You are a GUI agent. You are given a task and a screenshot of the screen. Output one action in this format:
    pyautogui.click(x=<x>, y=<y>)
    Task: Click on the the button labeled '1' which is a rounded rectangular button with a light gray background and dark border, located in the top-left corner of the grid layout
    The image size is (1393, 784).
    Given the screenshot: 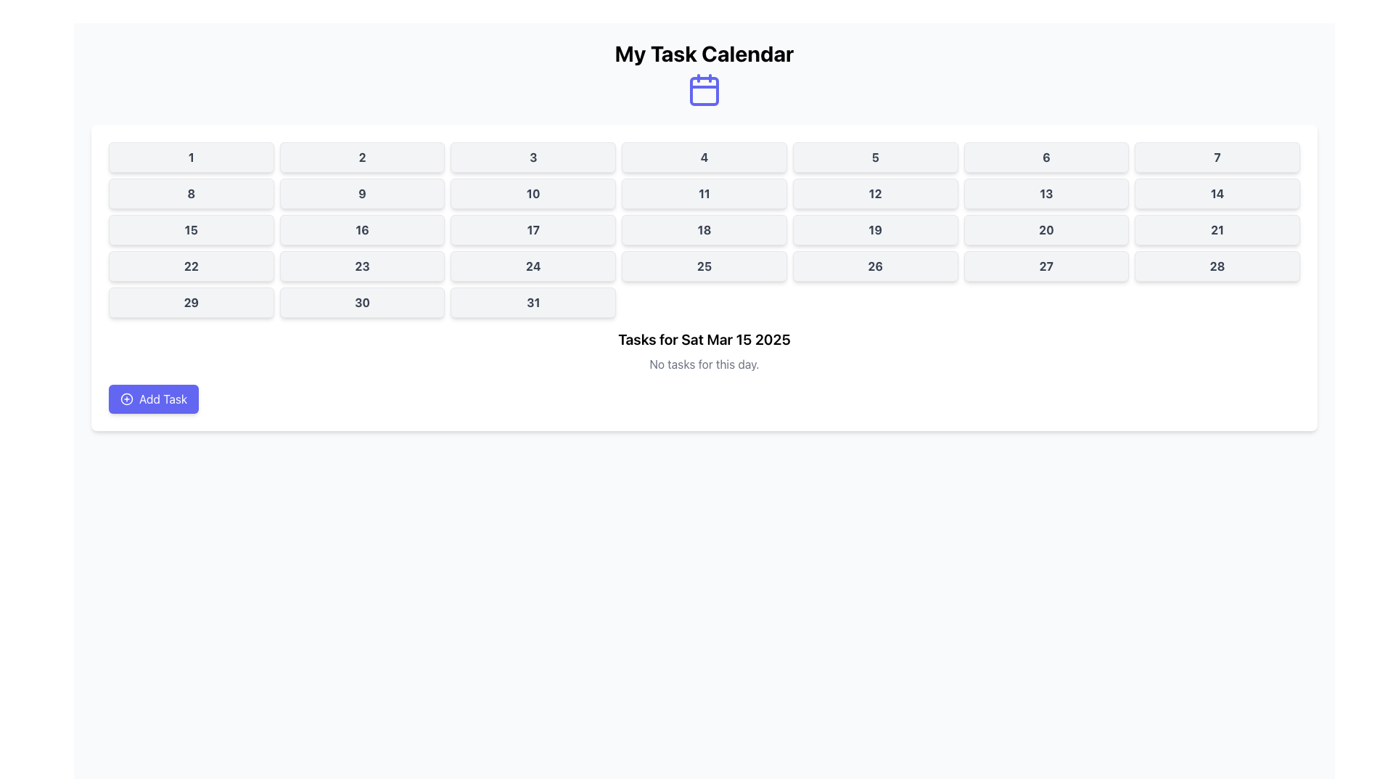 What is the action you would take?
    pyautogui.click(x=190, y=157)
    